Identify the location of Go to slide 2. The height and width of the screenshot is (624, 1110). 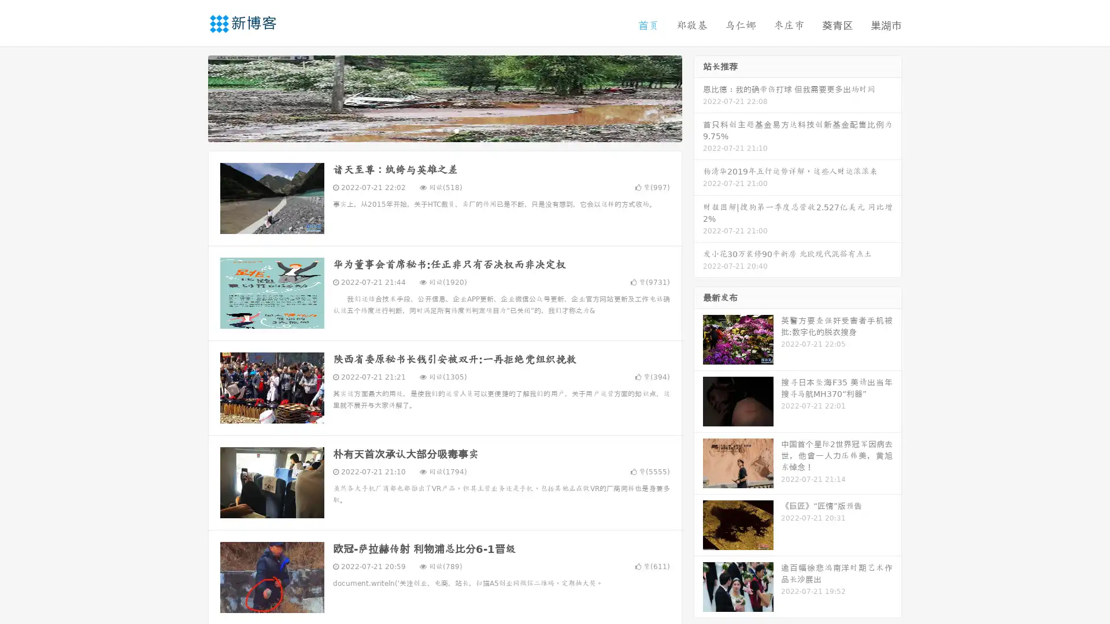
(444, 130).